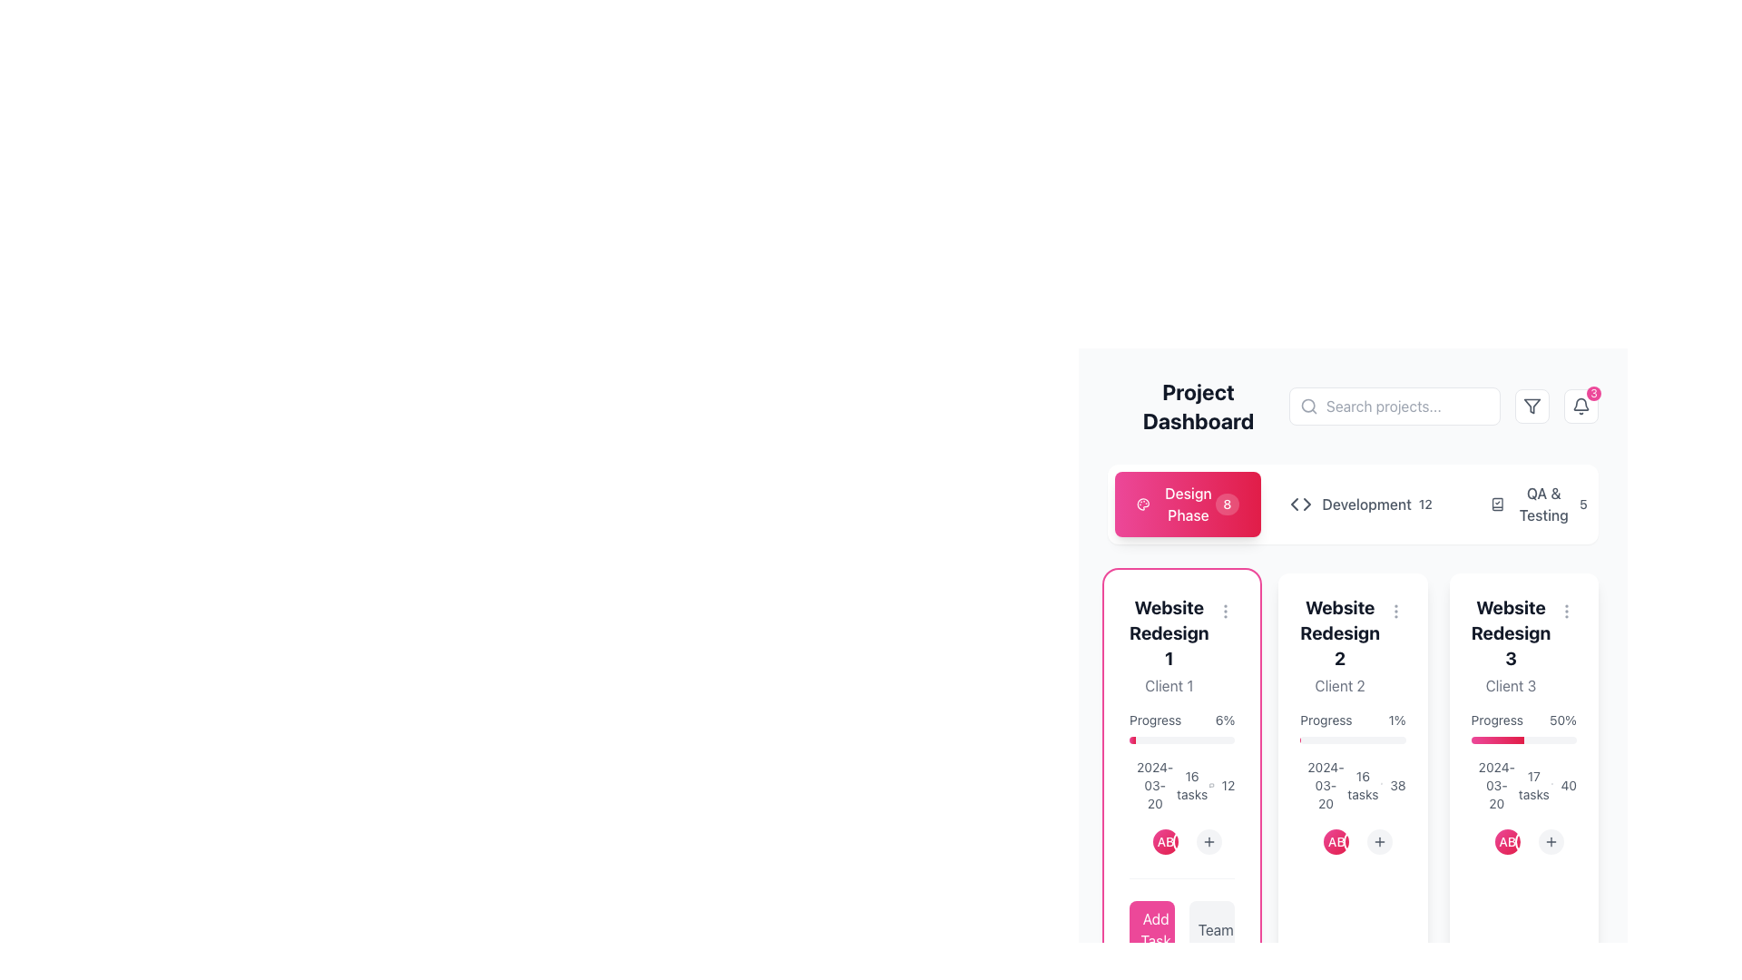 This screenshot has width=1742, height=980. I want to click on the static text label titled 'Website Redesign 2' located at the top-left quadrant of the card in the second column, so click(1340, 632).